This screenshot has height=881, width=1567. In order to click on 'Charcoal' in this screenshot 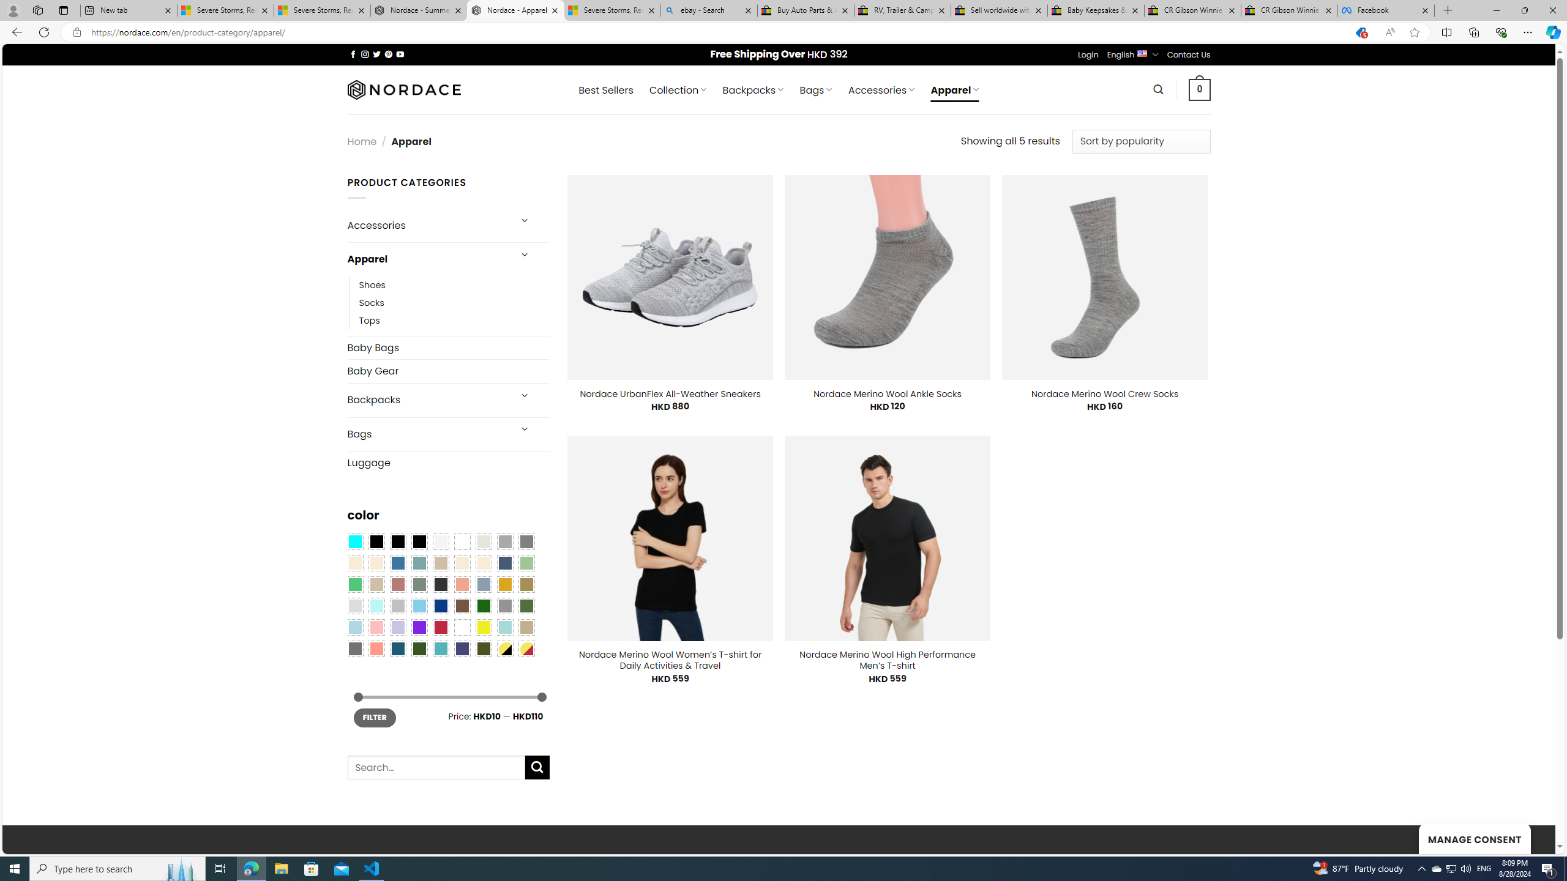, I will do `click(439, 583)`.